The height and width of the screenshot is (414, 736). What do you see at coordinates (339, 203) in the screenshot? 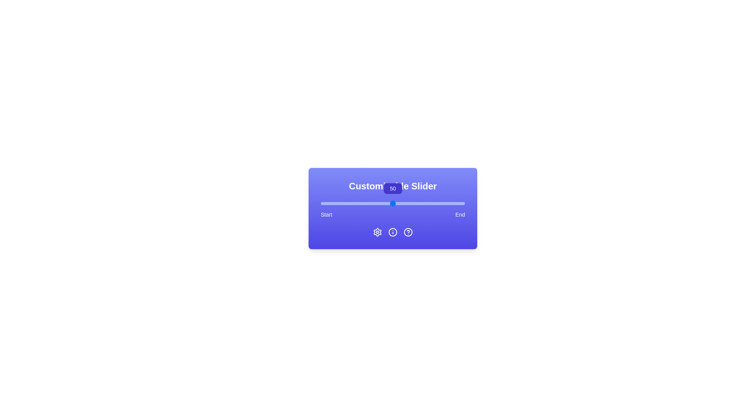
I see `the slider to set the value to 13` at bounding box center [339, 203].